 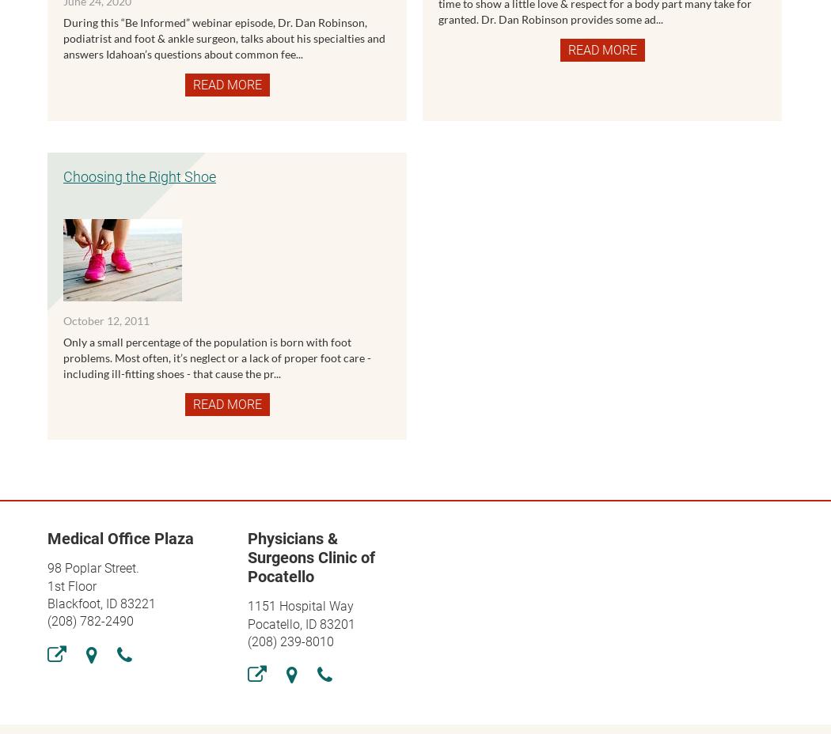 I want to click on '(208) 782-2490', so click(x=89, y=620).